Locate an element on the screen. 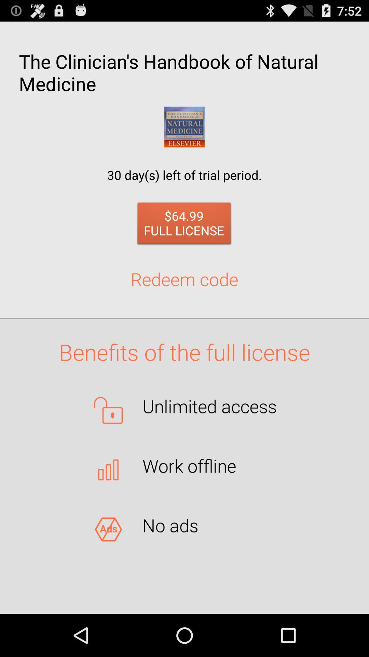 Image resolution: width=369 pixels, height=657 pixels. icon above the redeem code is located at coordinates (184, 225).